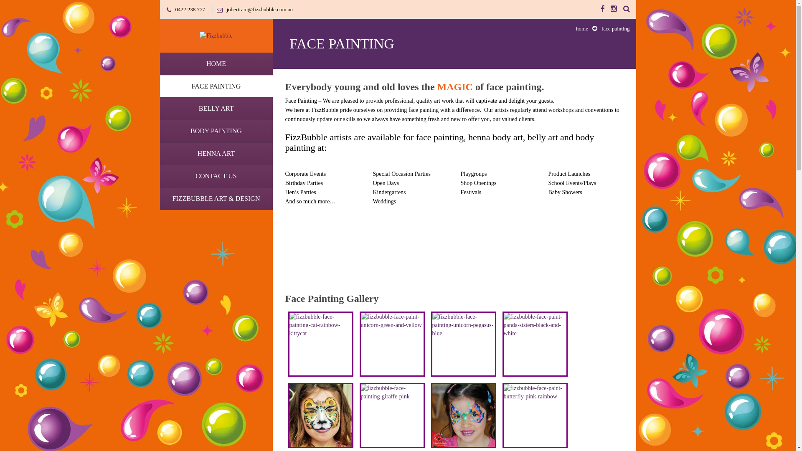  What do you see at coordinates (216, 35) in the screenshot?
I see `'Fizzbubble'` at bounding box center [216, 35].